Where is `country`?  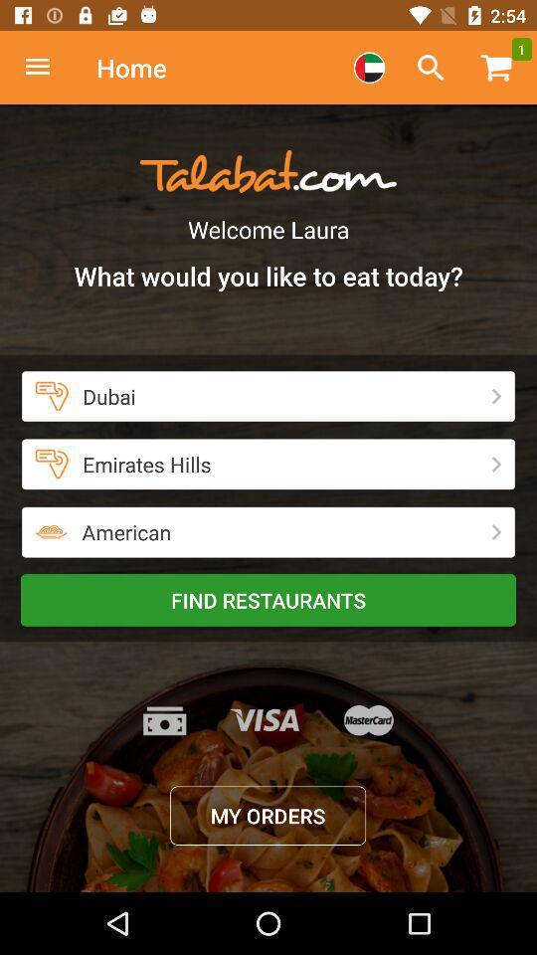 country is located at coordinates (368, 68).